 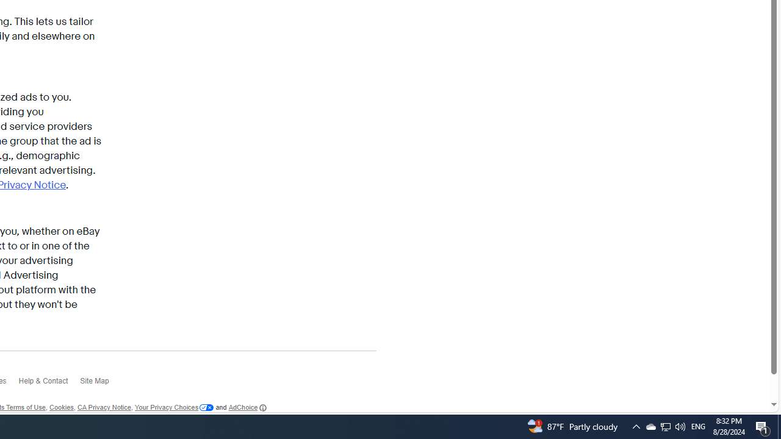 What do you see at coordinates (100, 383) in the screenshot?
I see `'Site Map'` at bounding box center [100, 383].